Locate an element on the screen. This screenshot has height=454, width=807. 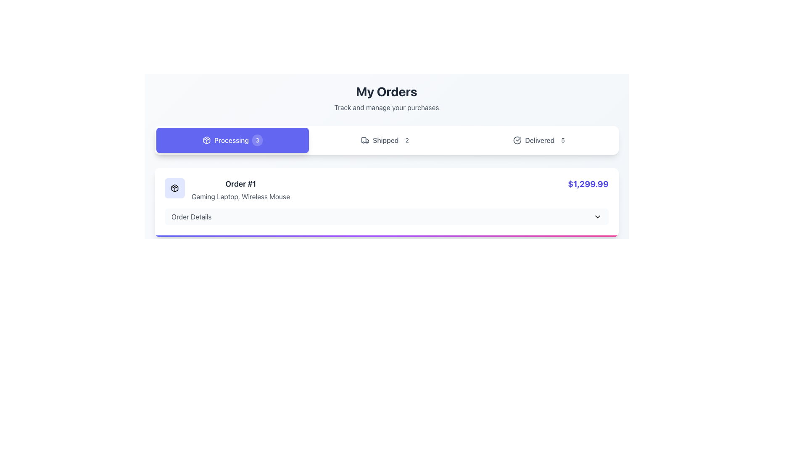
the Badge or Counter displaying the number '5' in white text, located to the right of the 'Delivered' label is located at coordinates (563, 140).